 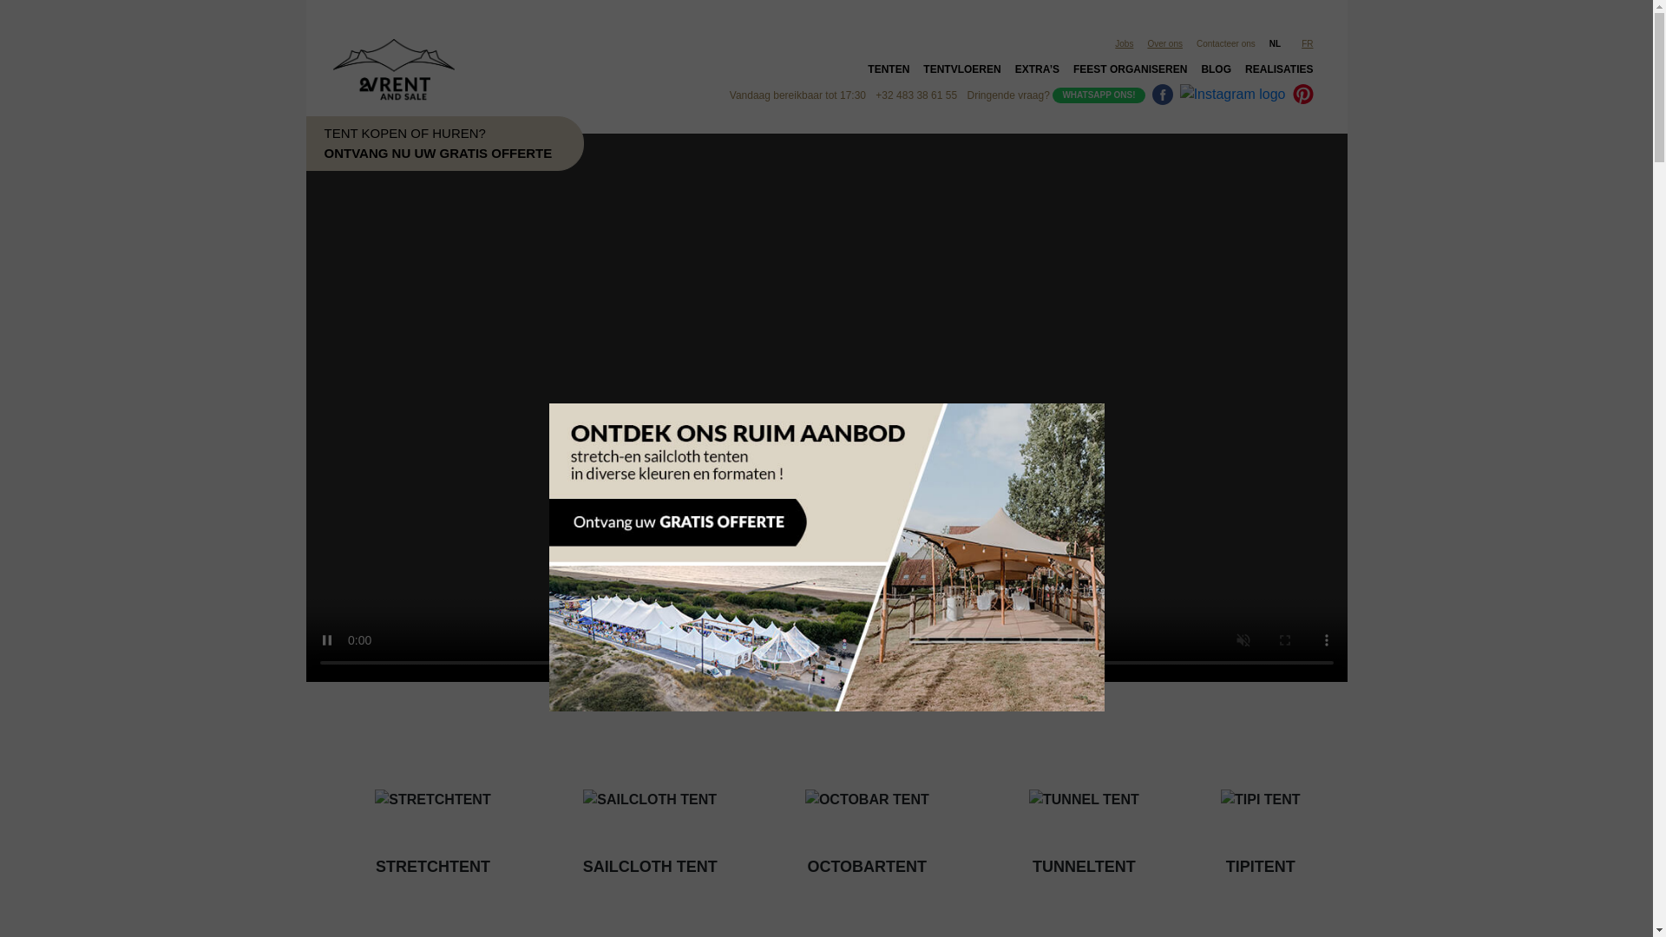 I want to click on 'WHATSAPP ONS!', so click(x=1098, y=95).